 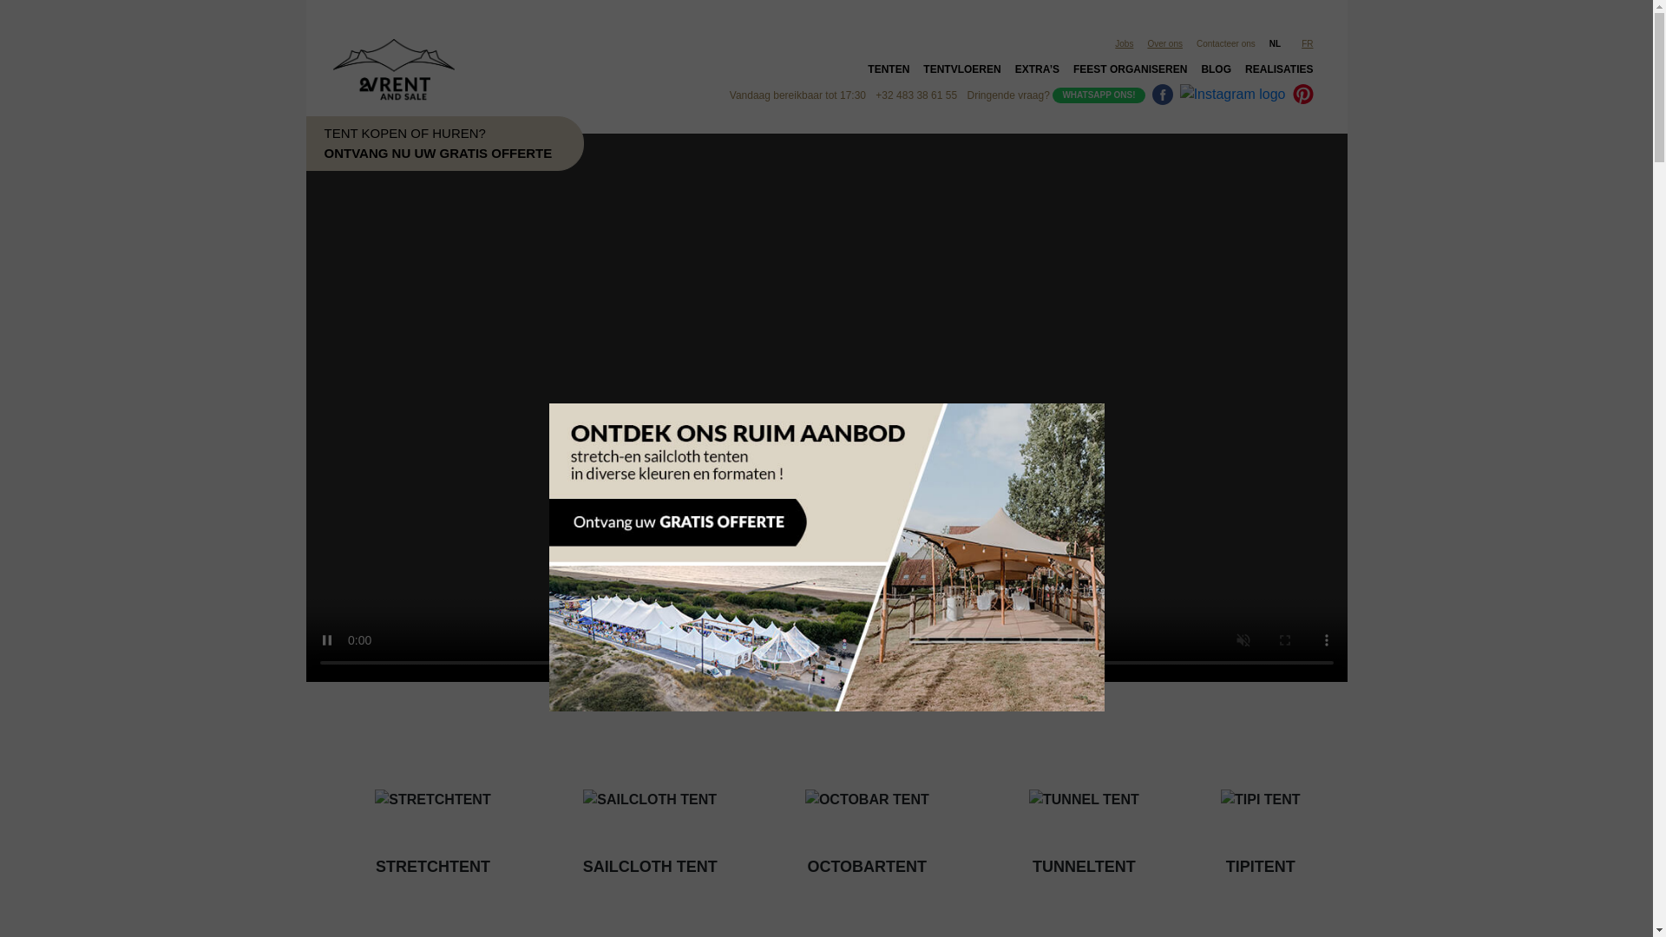 I want to click on 'WHATSAPP ONS!', so click(x=1098, y=95).